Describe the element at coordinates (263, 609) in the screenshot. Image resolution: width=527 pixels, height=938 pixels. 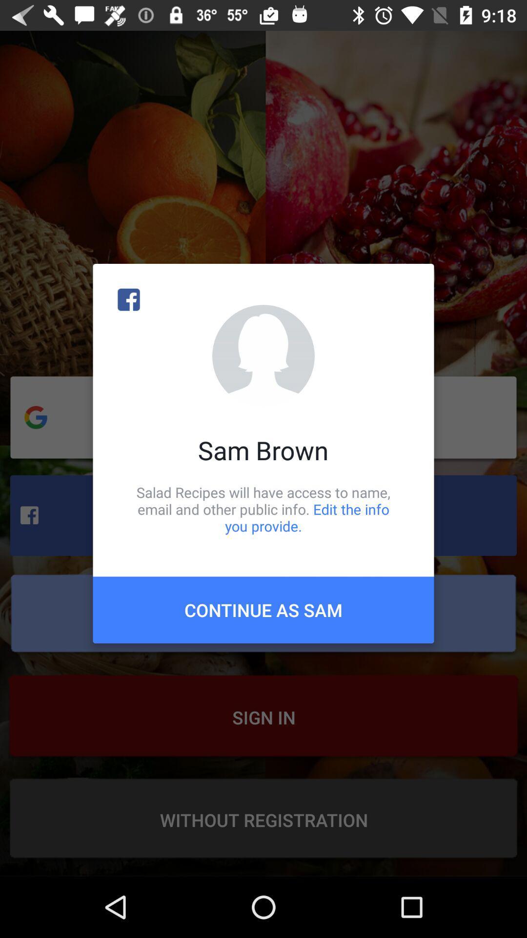
I see `continue as sam icon` at that location.